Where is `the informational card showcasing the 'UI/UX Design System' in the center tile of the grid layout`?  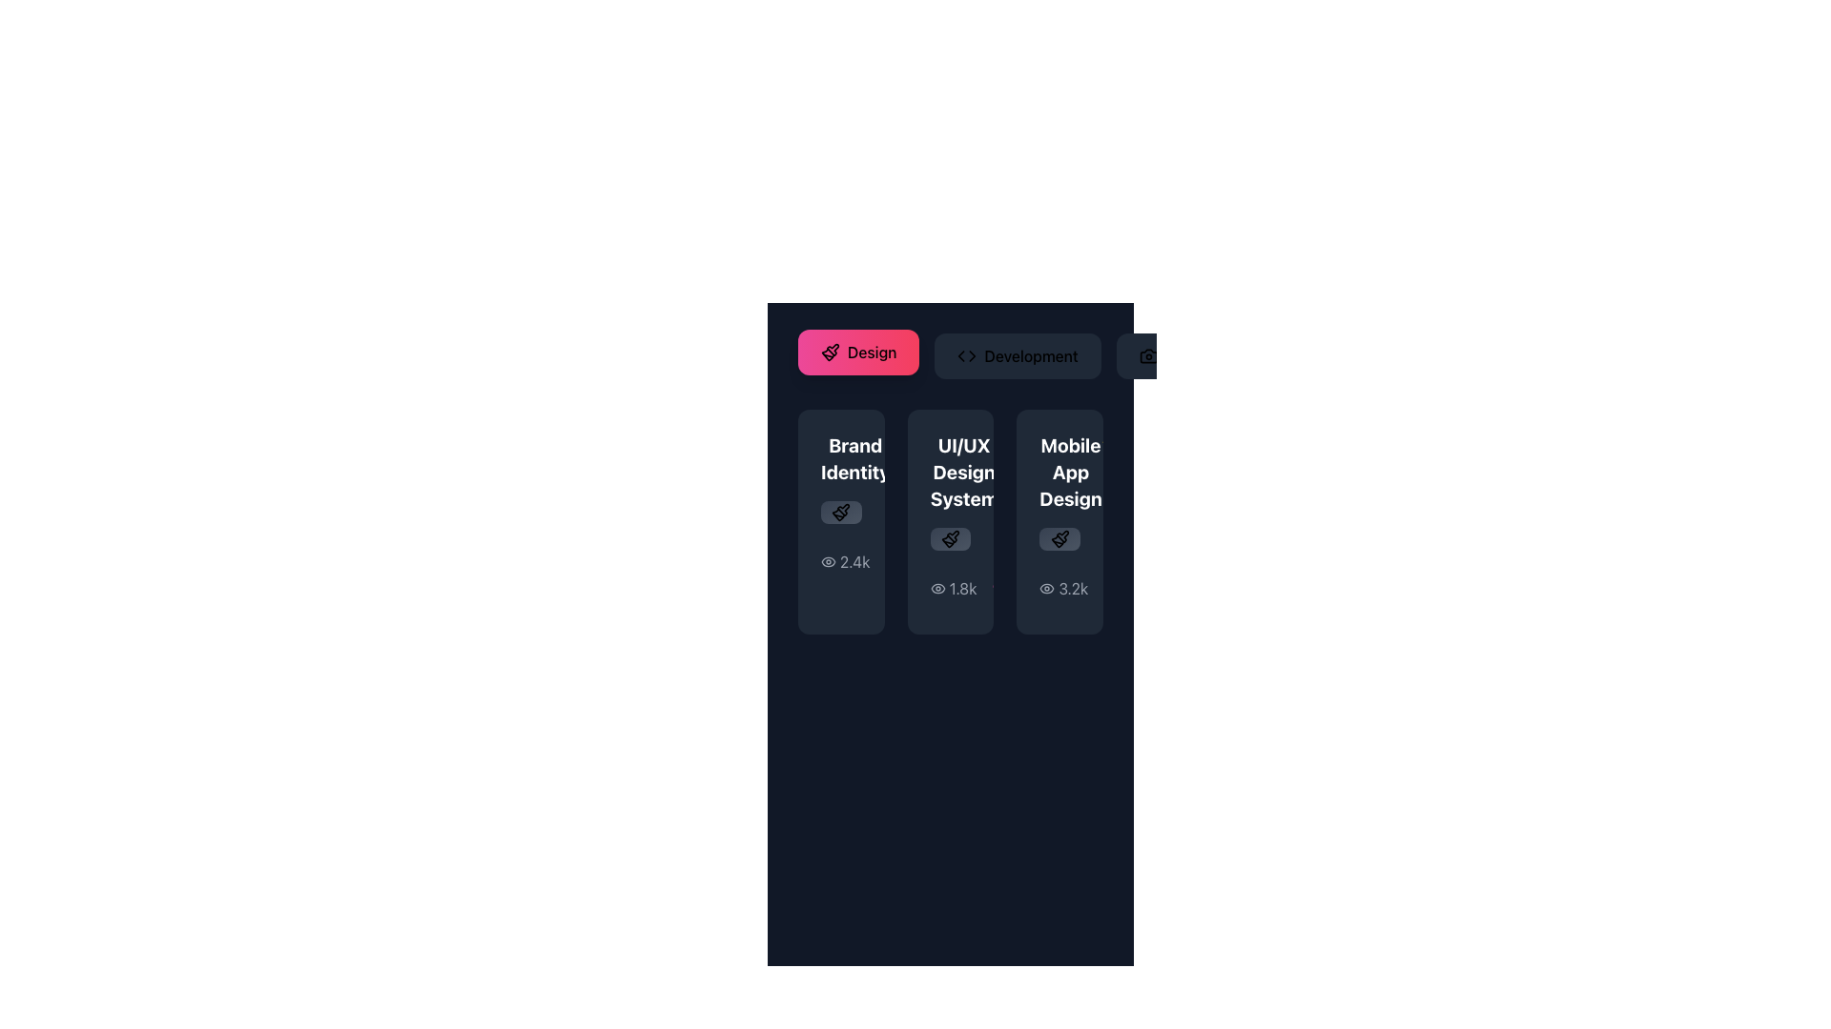
the informational card showcasing the 'UI/UX Design System' in the center tile of the grid layout is located at coordinates (951, 521).